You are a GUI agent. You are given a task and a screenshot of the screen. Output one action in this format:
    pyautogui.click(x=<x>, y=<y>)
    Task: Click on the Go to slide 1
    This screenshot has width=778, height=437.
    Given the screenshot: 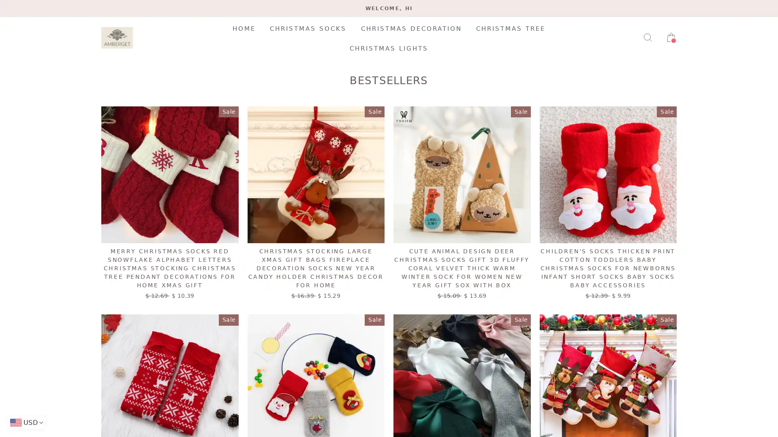 What is the action you would take?
    pyautogui.click(x=389, y=39)
    